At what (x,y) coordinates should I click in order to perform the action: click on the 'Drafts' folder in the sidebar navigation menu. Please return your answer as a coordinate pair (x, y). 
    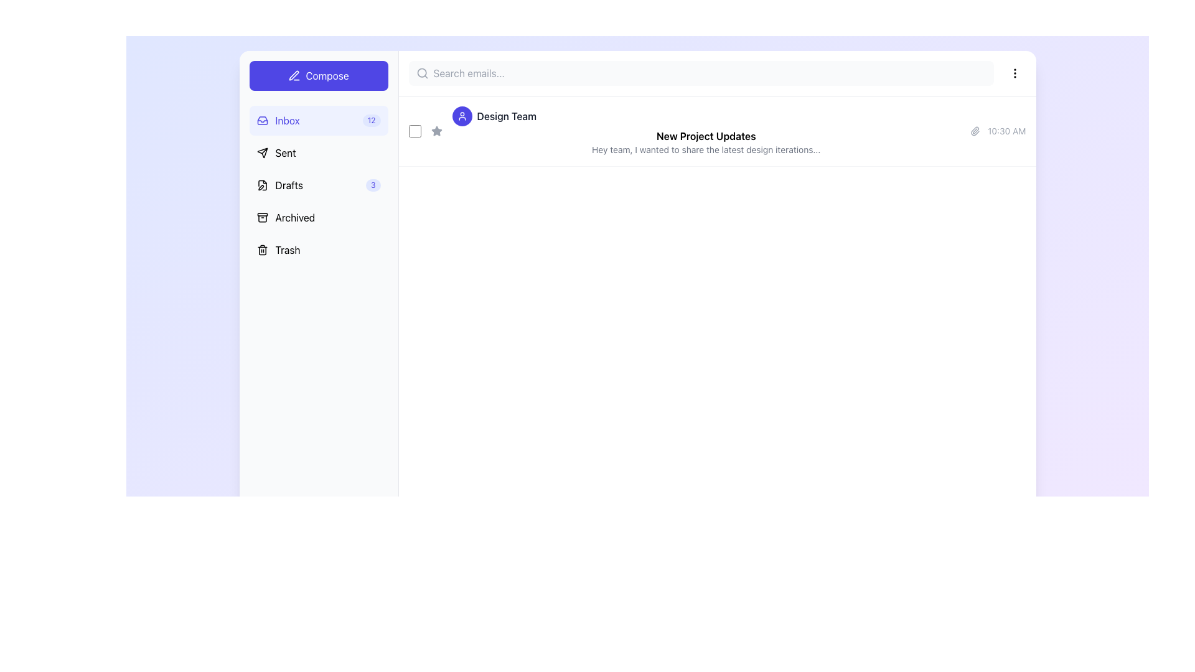
    Looking at the image, I should click on (319, 185).